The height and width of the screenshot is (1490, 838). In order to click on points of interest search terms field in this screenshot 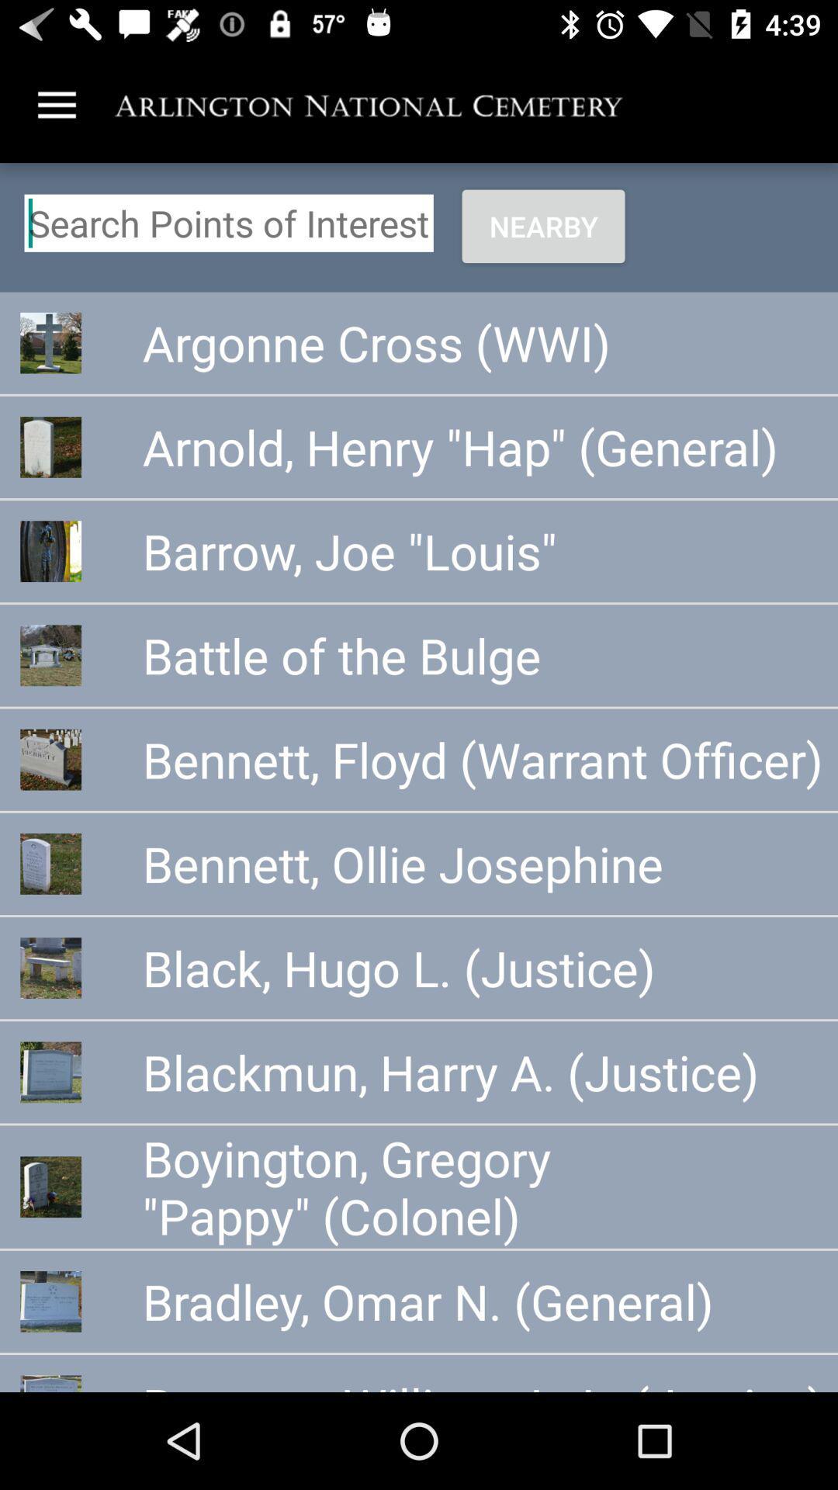, I will do `click(229, 222)`.